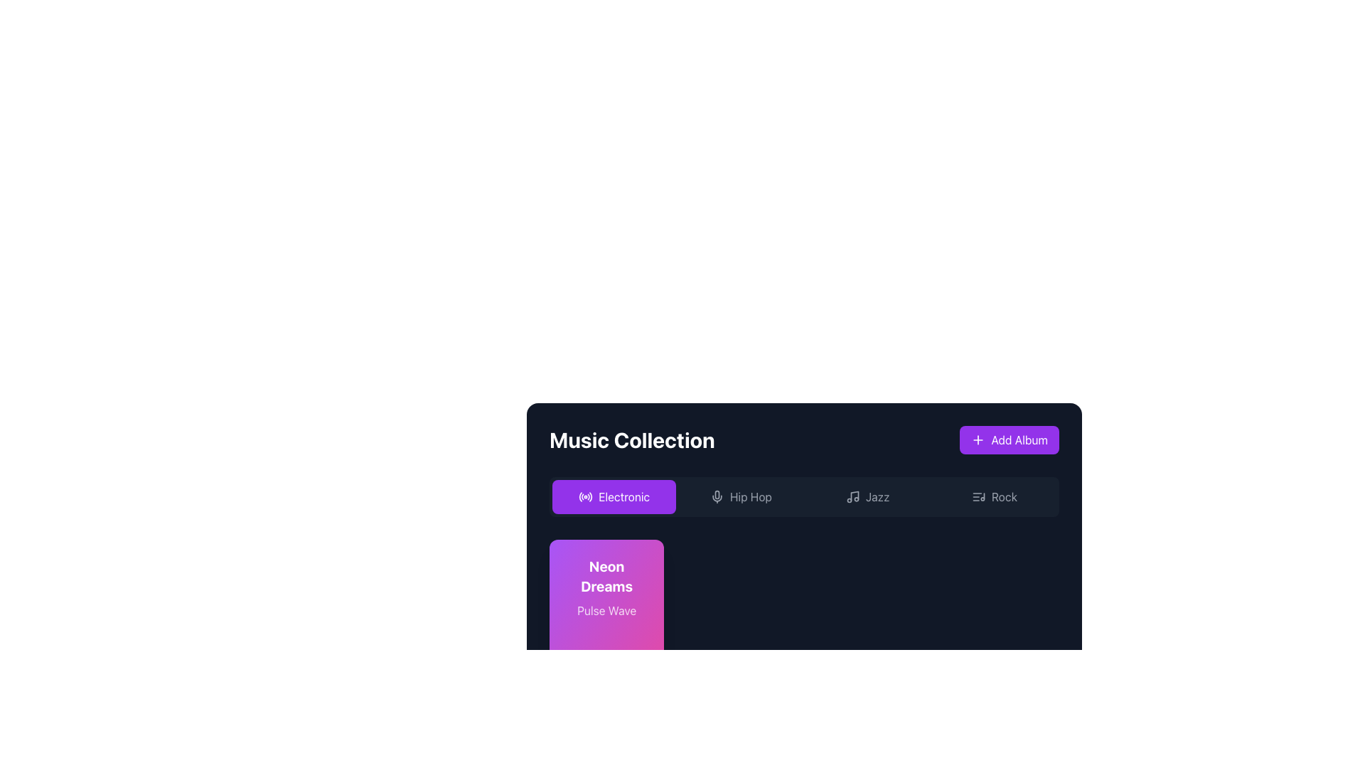 The image size is (1365, 768). What do you see at coordinates (853, 496) in the screenshot?
I see `the musical note icon inside the 'Jazz' button` at bounding box center [853, 496].